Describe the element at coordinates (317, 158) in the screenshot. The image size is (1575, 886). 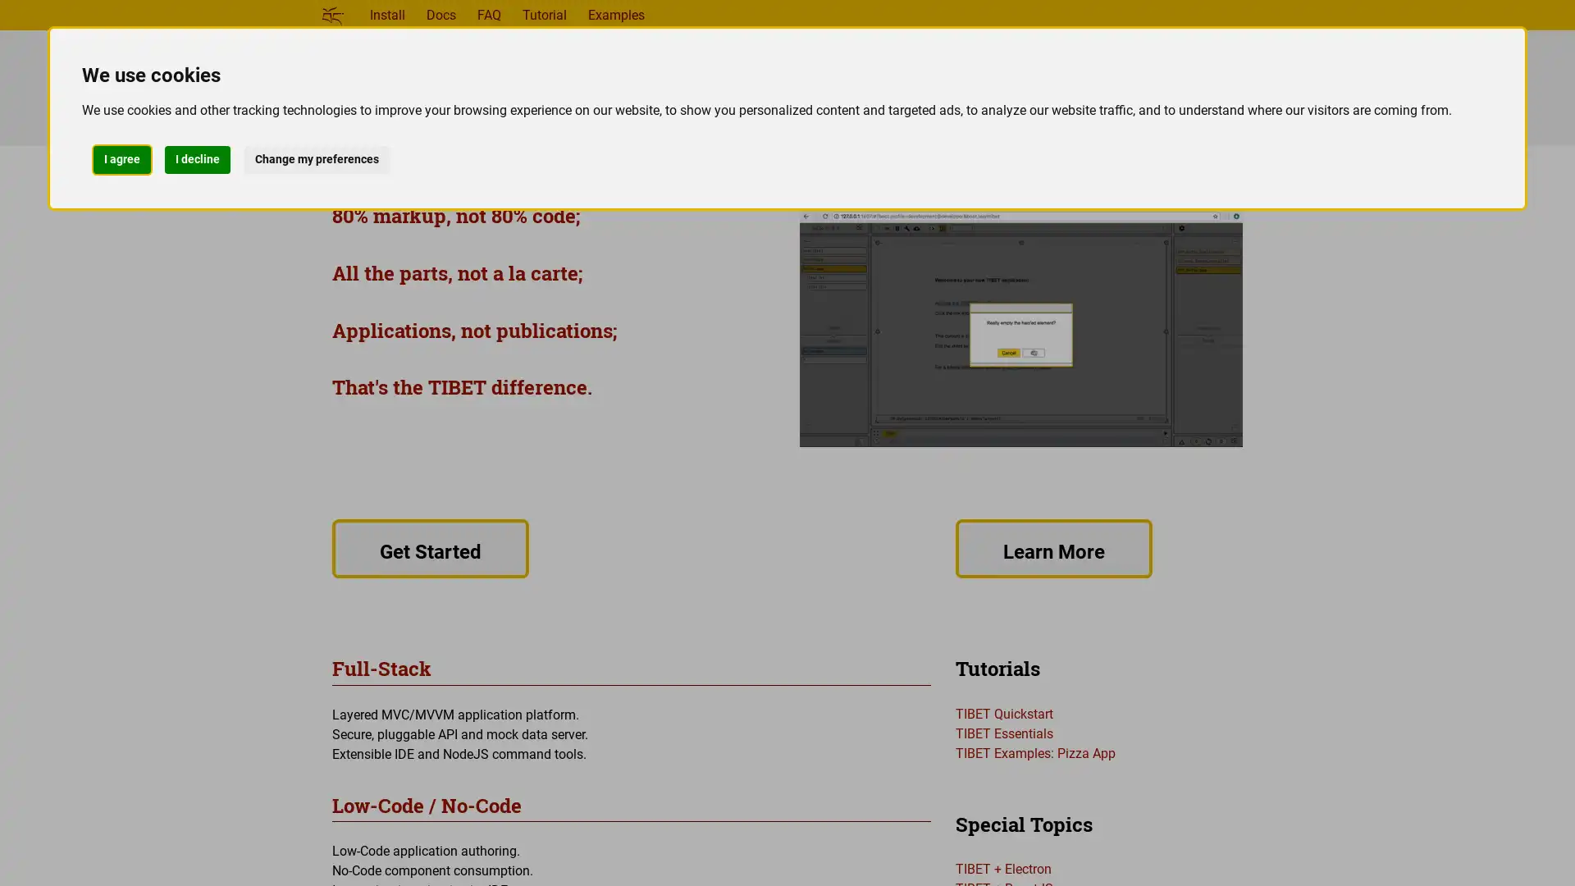
I see `Change my preferences` at that location.